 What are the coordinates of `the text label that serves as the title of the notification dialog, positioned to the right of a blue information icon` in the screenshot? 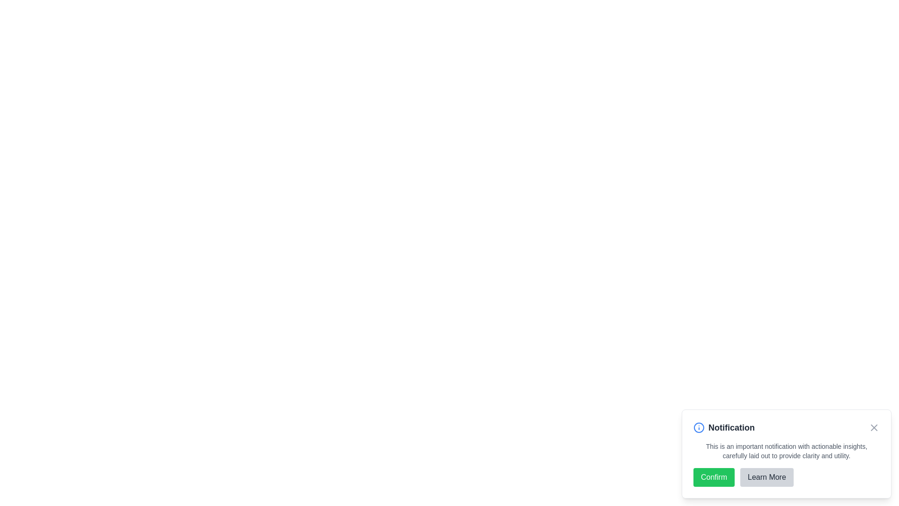 It's located at (731, 428).